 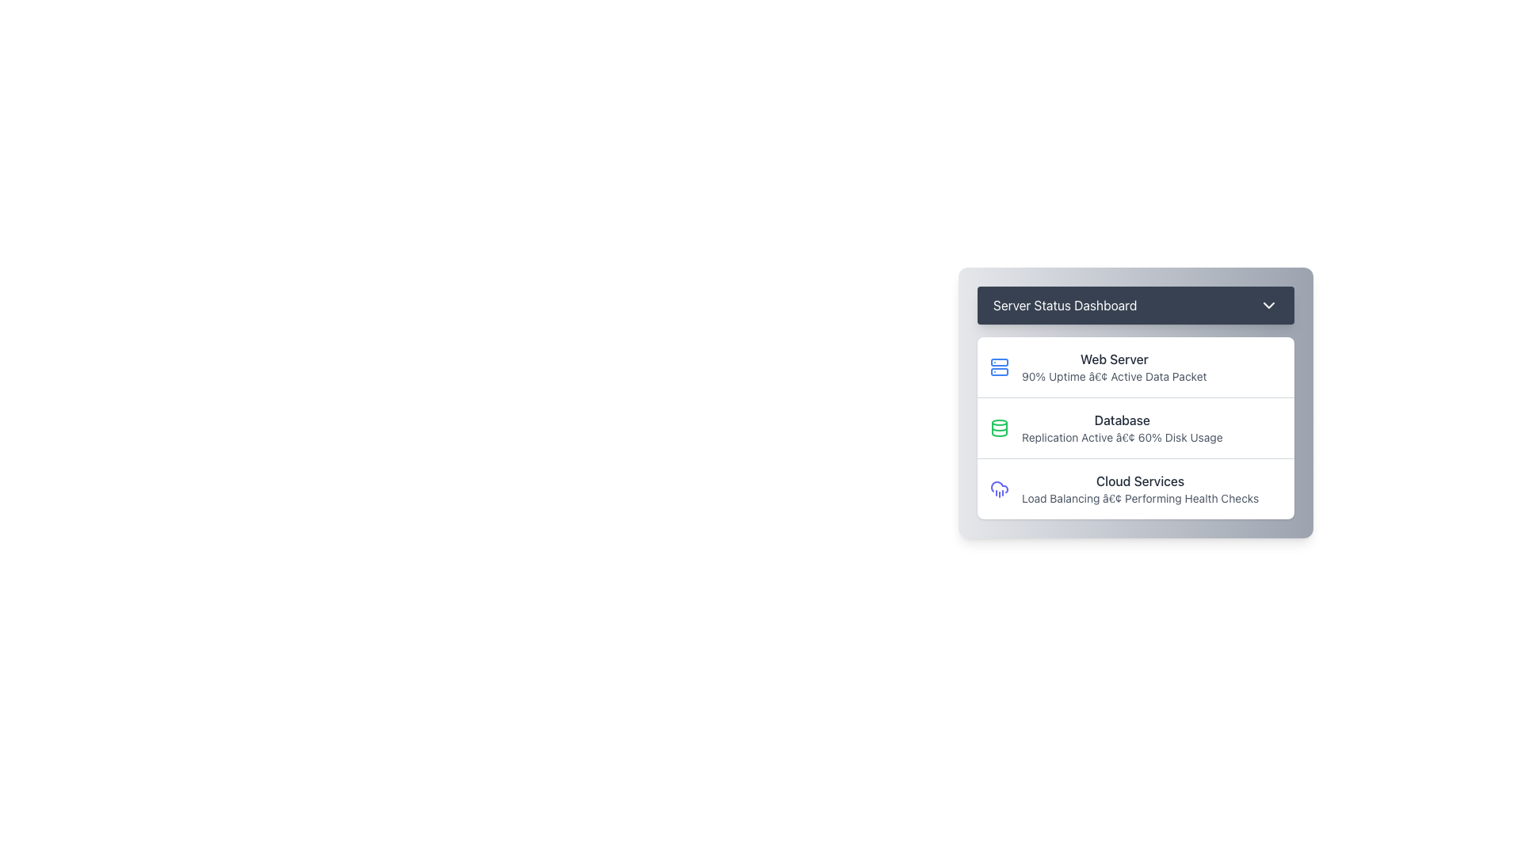 I want to click on the third informational card, so click(x=1135, y=488).